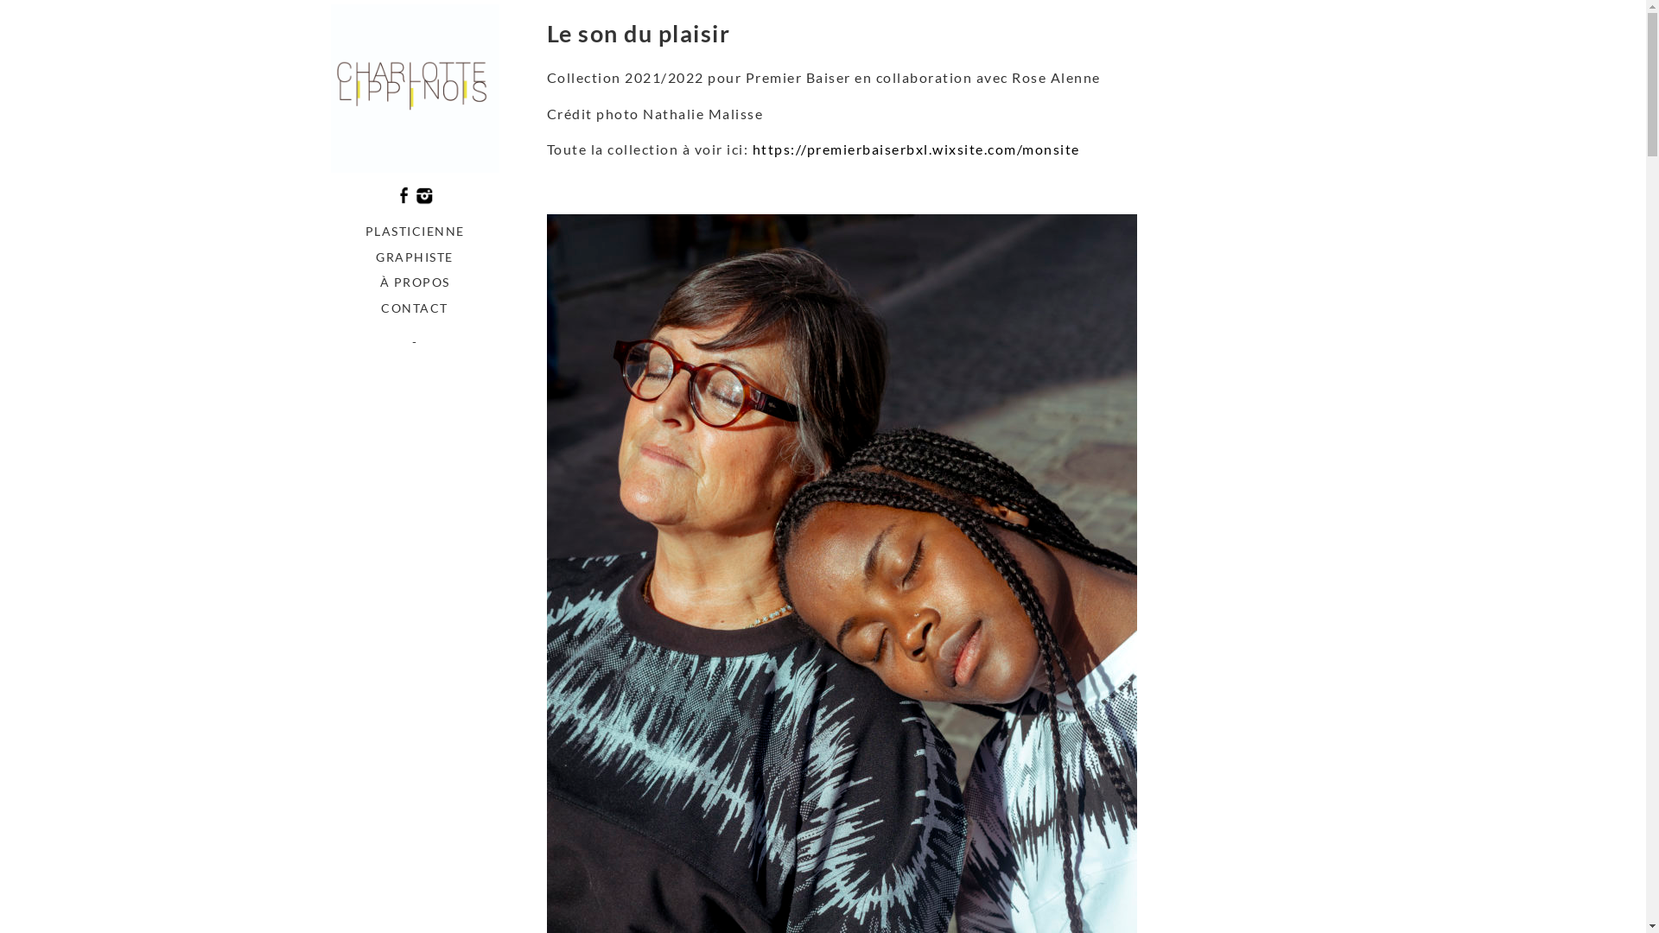 The image size is (1659, 933). What do you see at coordinates (413, 257) in the screenshot?
I see `'GRAPHISTE'` at bounding box center [413, 257].